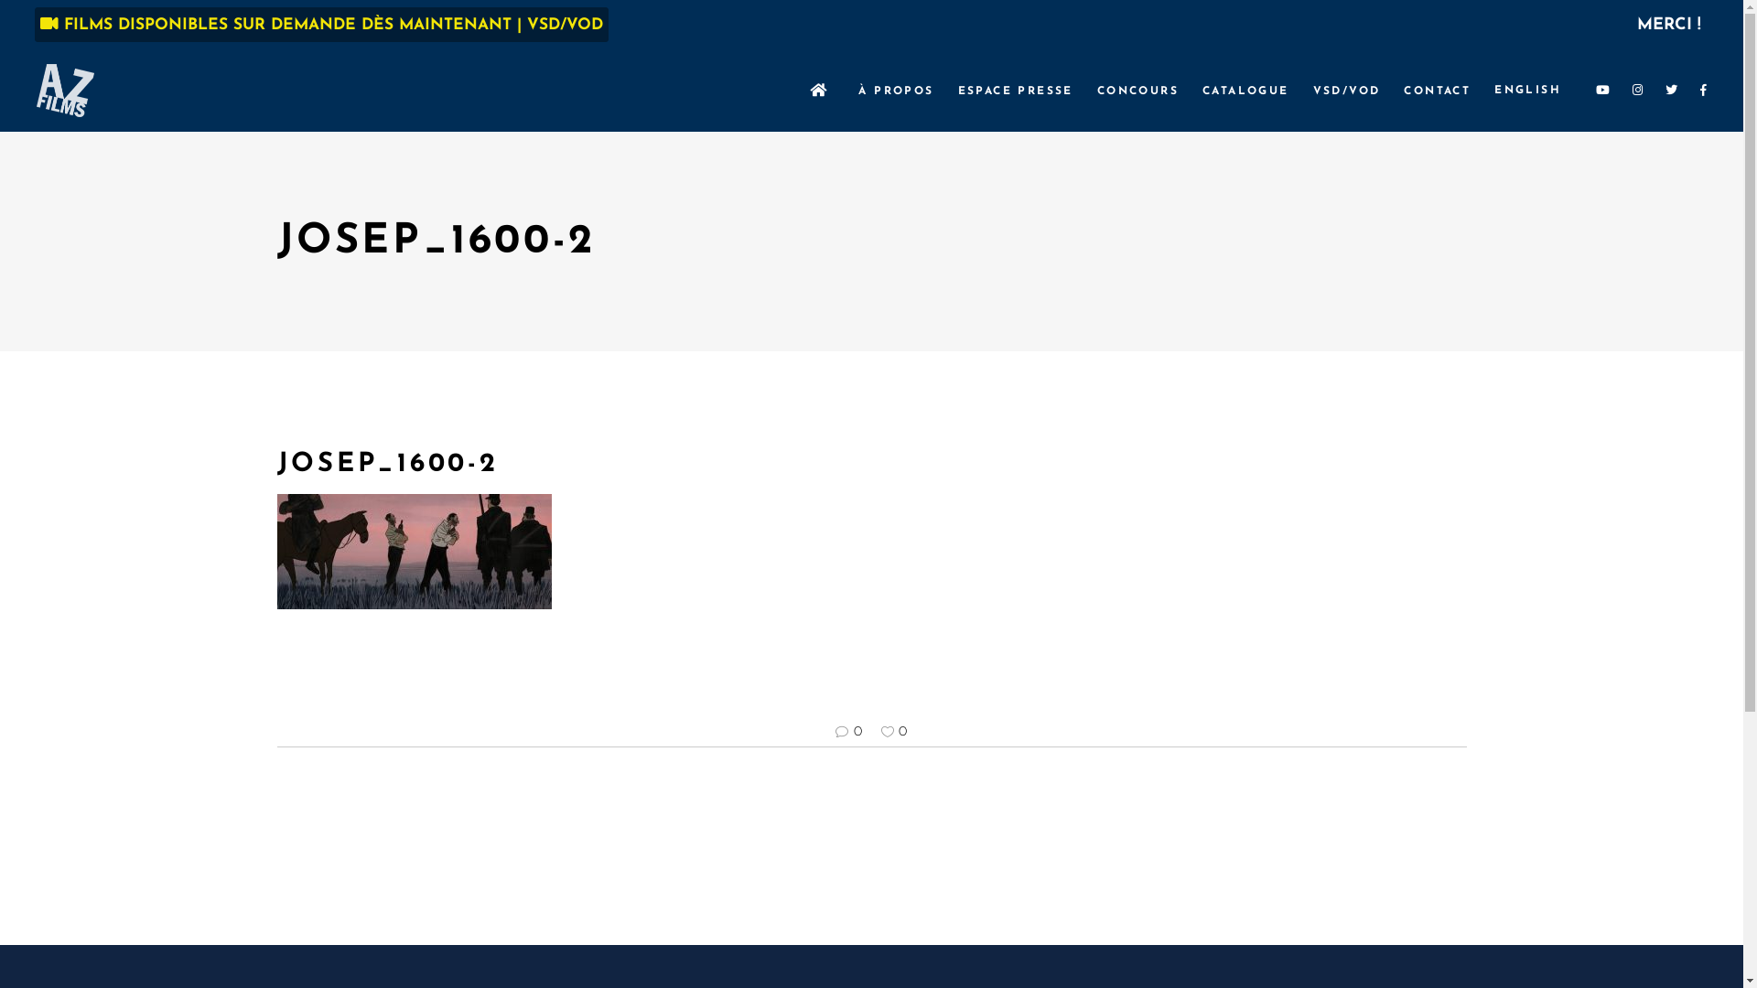 Image resolution: width=1757 pixels, height=988 pixels. I want to click on 'CONCOURS', so click(1137, 91).